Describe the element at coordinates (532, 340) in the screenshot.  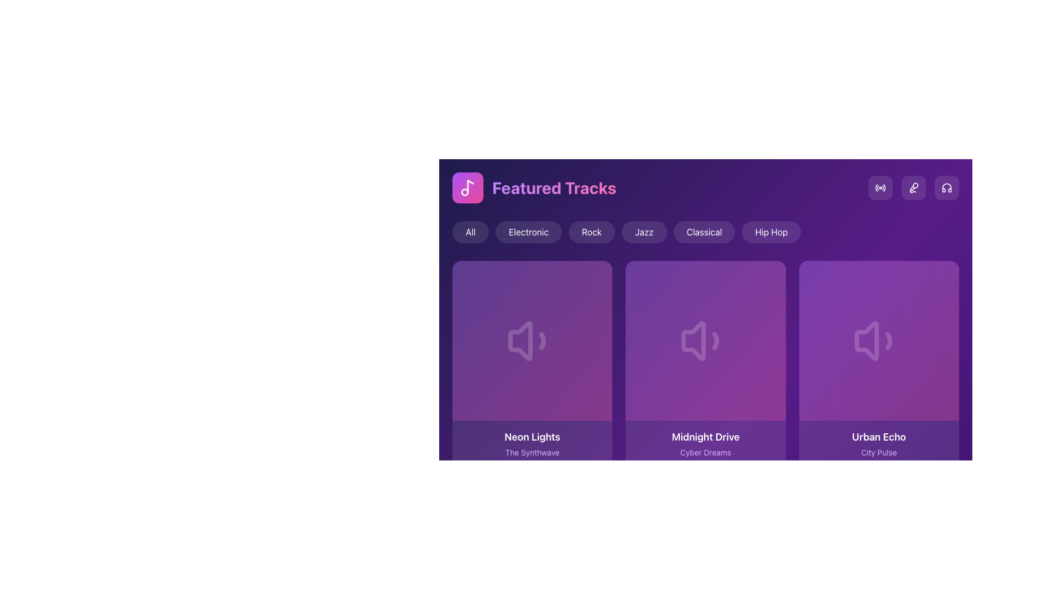
I see `the audio-related icon located at the center of the first card in the 'Neon Lights' horizontal card list` at that location.